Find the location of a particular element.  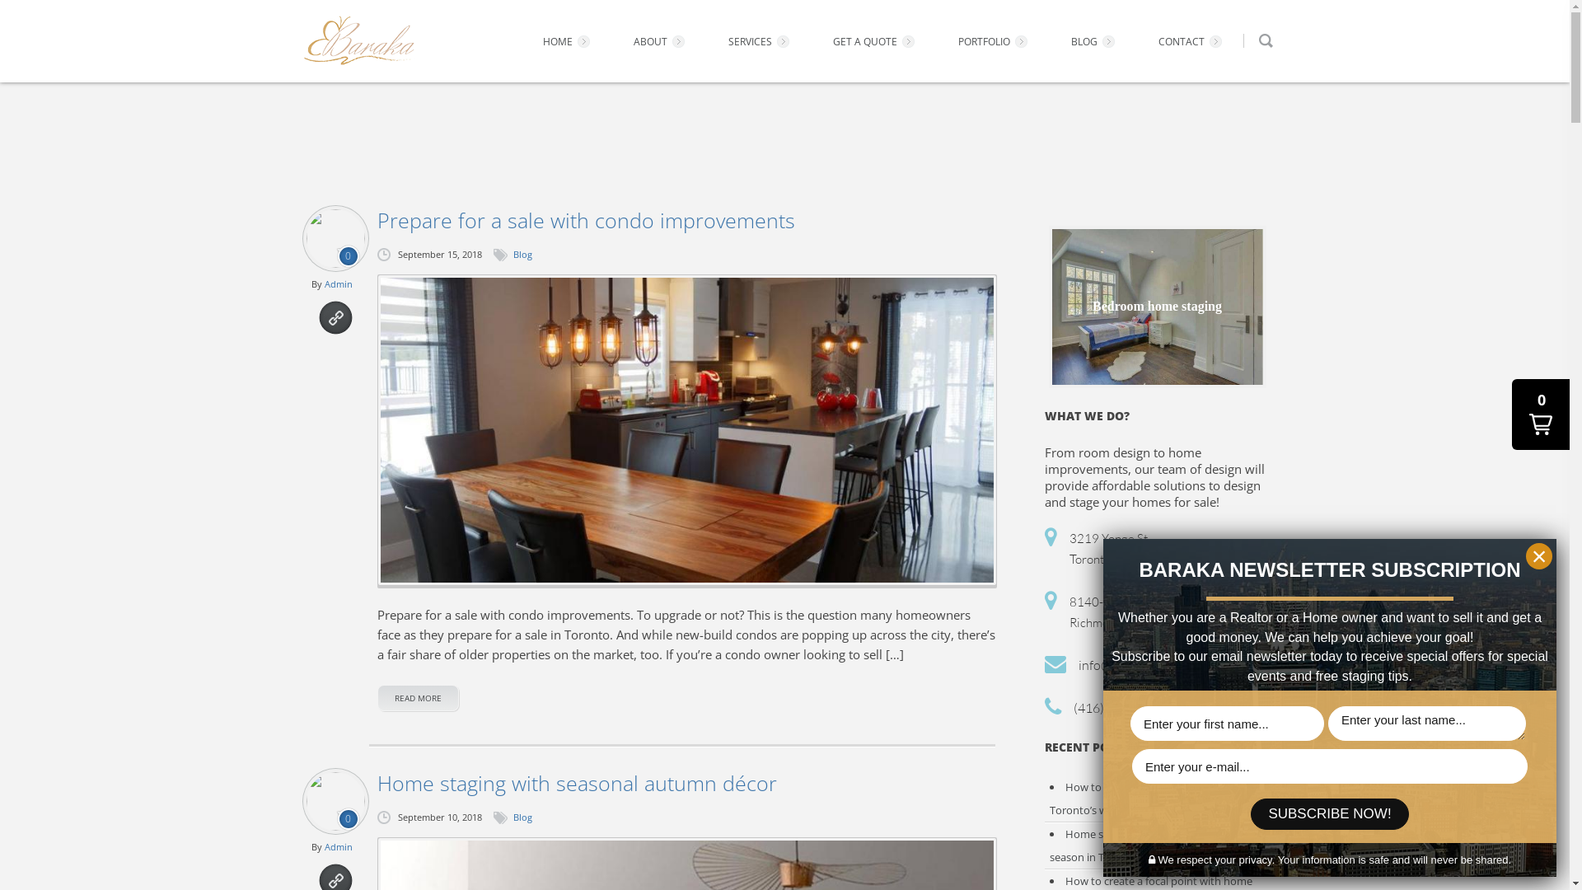

'READ MORE' is located at coordinates (418, 698).